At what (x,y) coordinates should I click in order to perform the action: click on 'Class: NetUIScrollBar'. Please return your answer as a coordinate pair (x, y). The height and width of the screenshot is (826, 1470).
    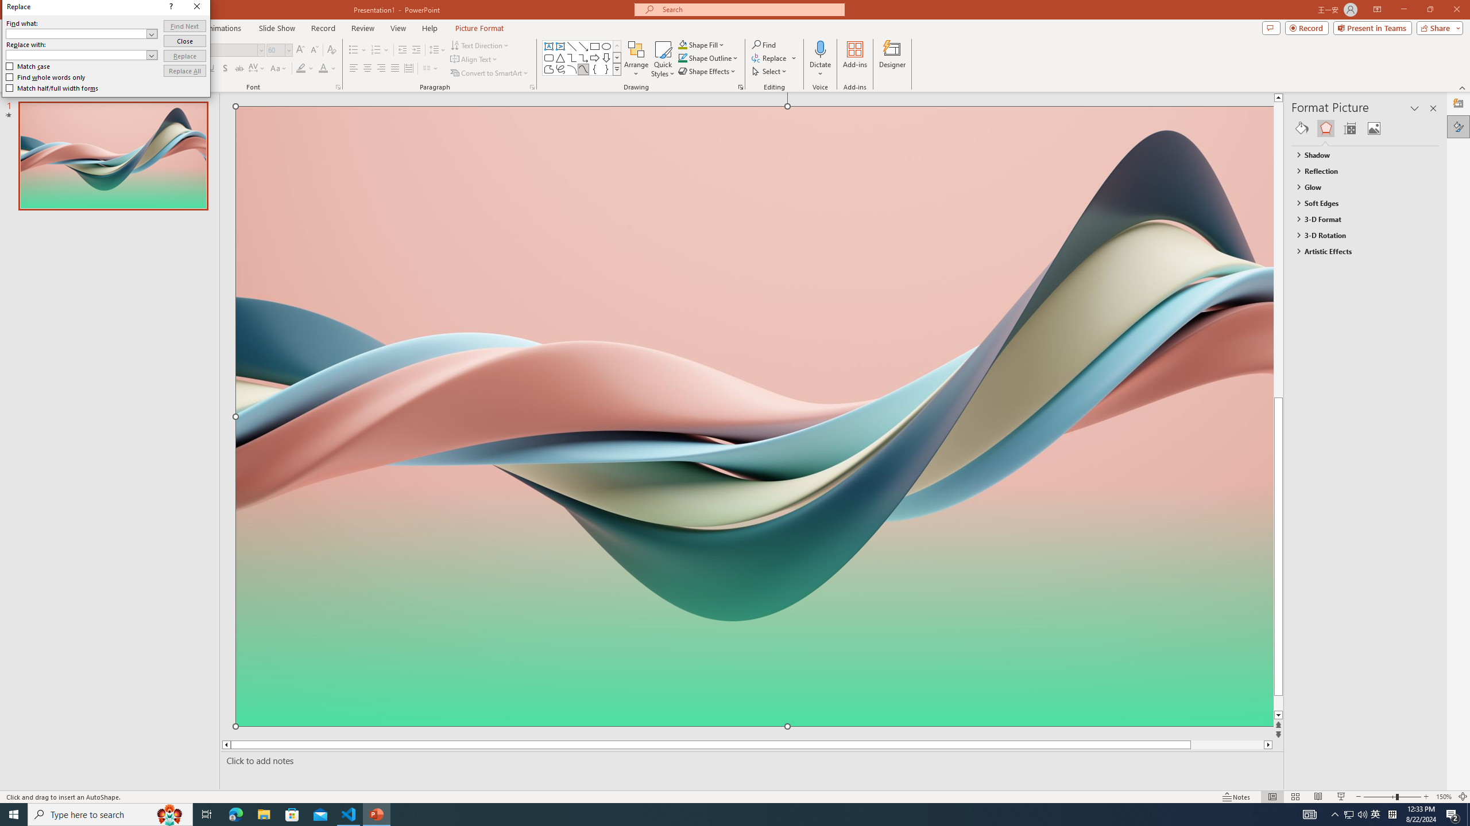
    Looking at the image, I should click on (1433, 463).